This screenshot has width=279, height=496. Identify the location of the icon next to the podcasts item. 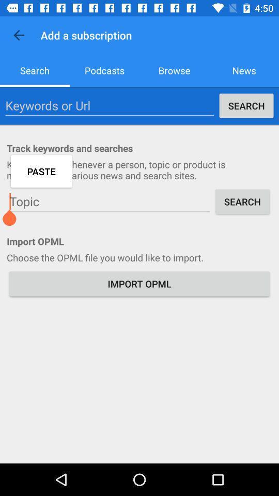
(174, 70).